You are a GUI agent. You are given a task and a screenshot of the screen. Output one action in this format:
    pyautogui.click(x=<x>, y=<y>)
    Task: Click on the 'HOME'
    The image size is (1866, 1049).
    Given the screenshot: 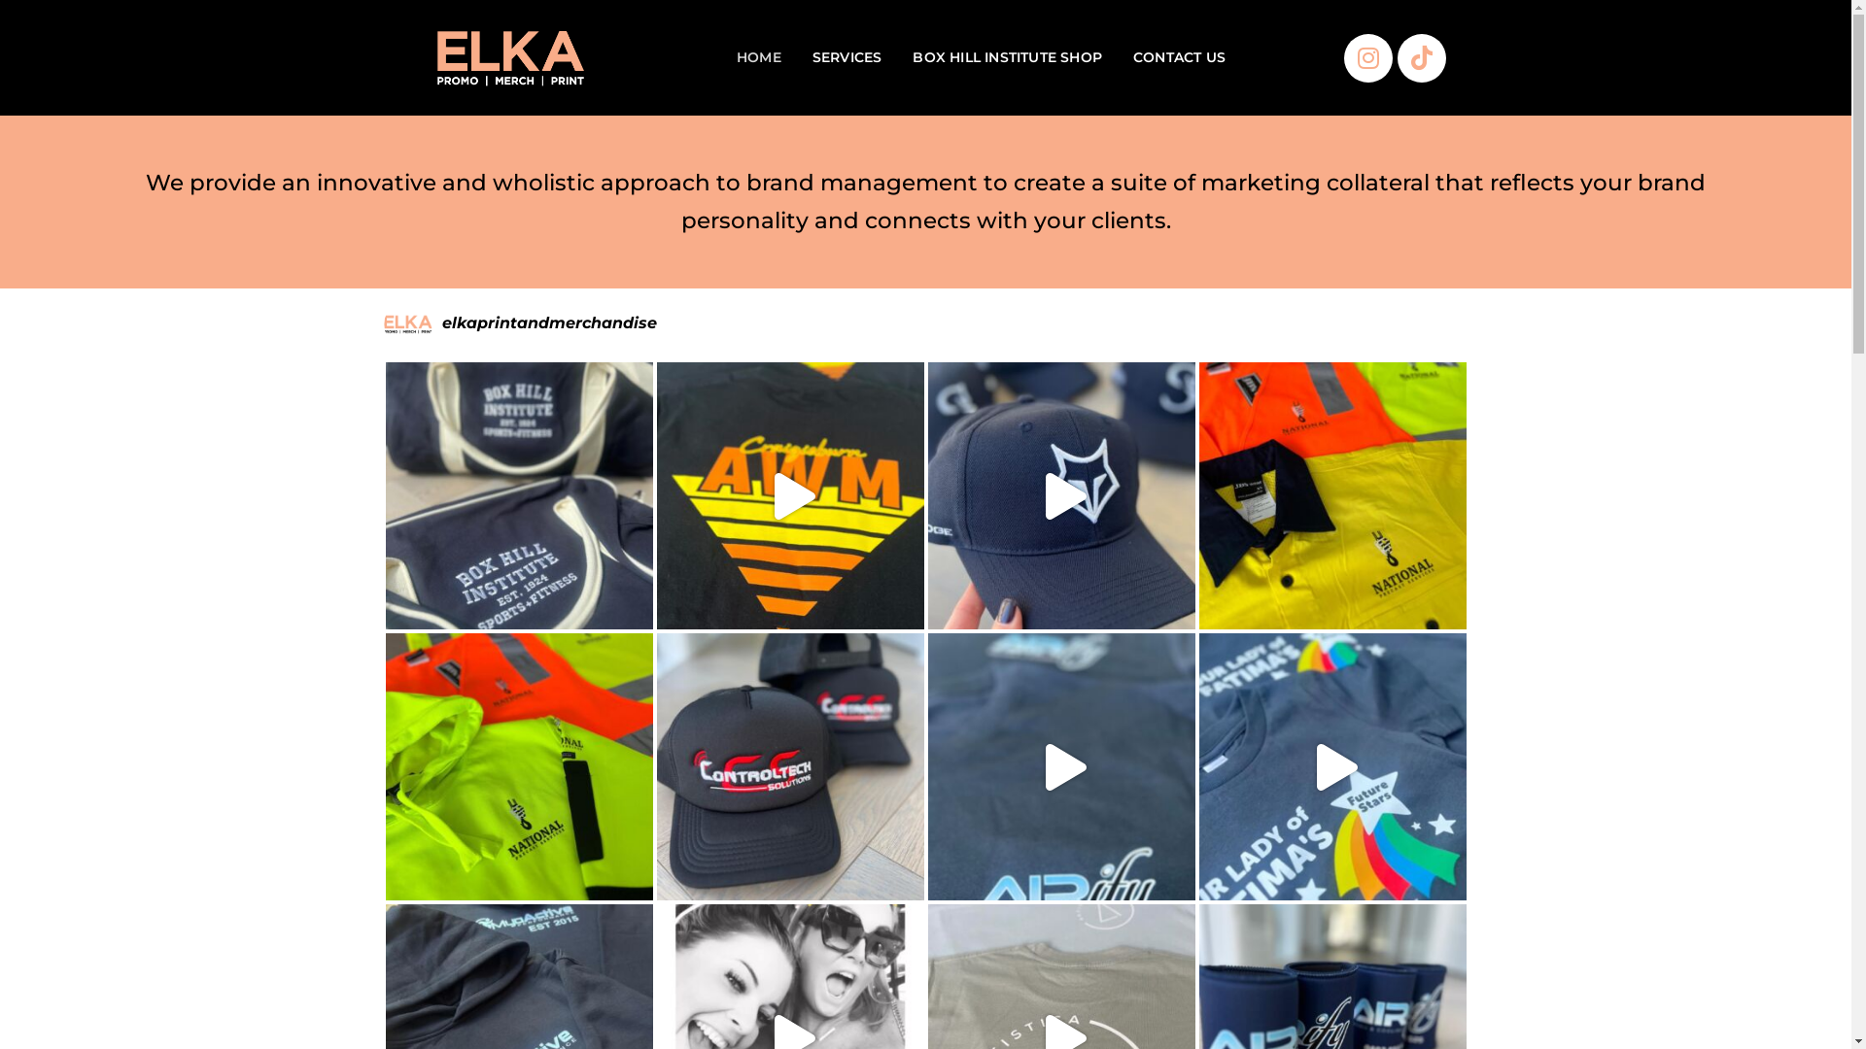 What is the action you would take?
    pyautogui.click(x=758, y=56)
    